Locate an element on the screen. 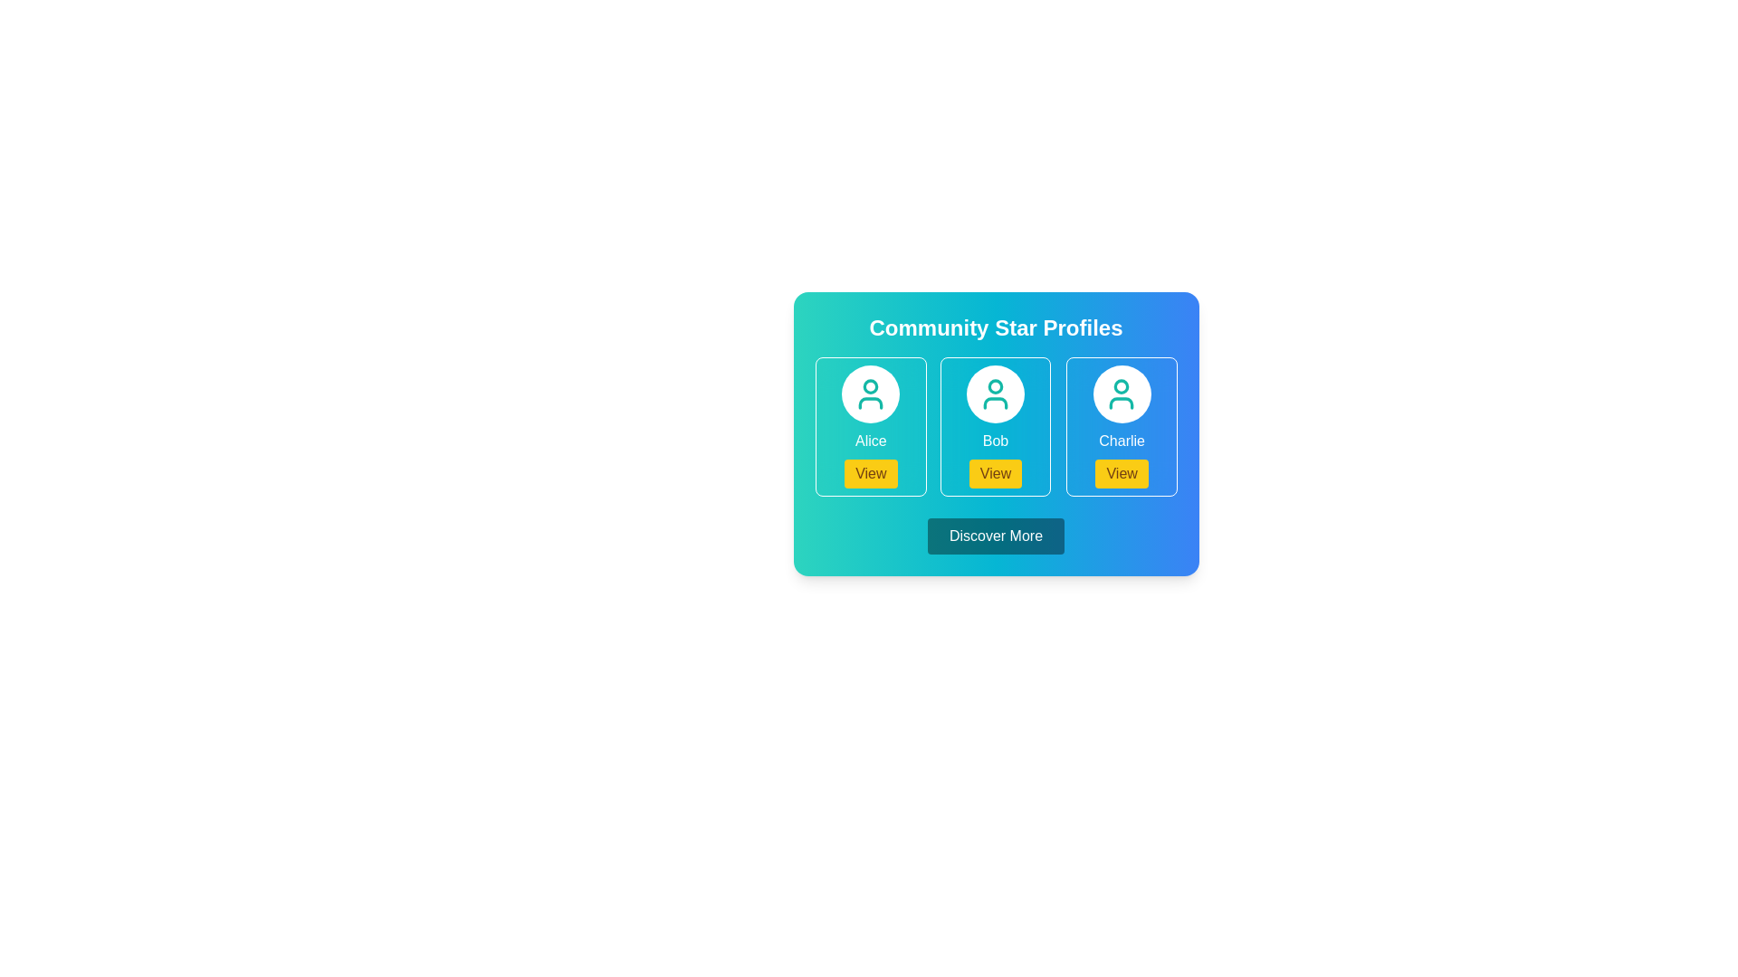 The height and width of the screenshot is (977, 1738). the Text Label that serves as a descriptive heading for the section, providing context for the related profiles displayed below is located at coordinates (995, 327).